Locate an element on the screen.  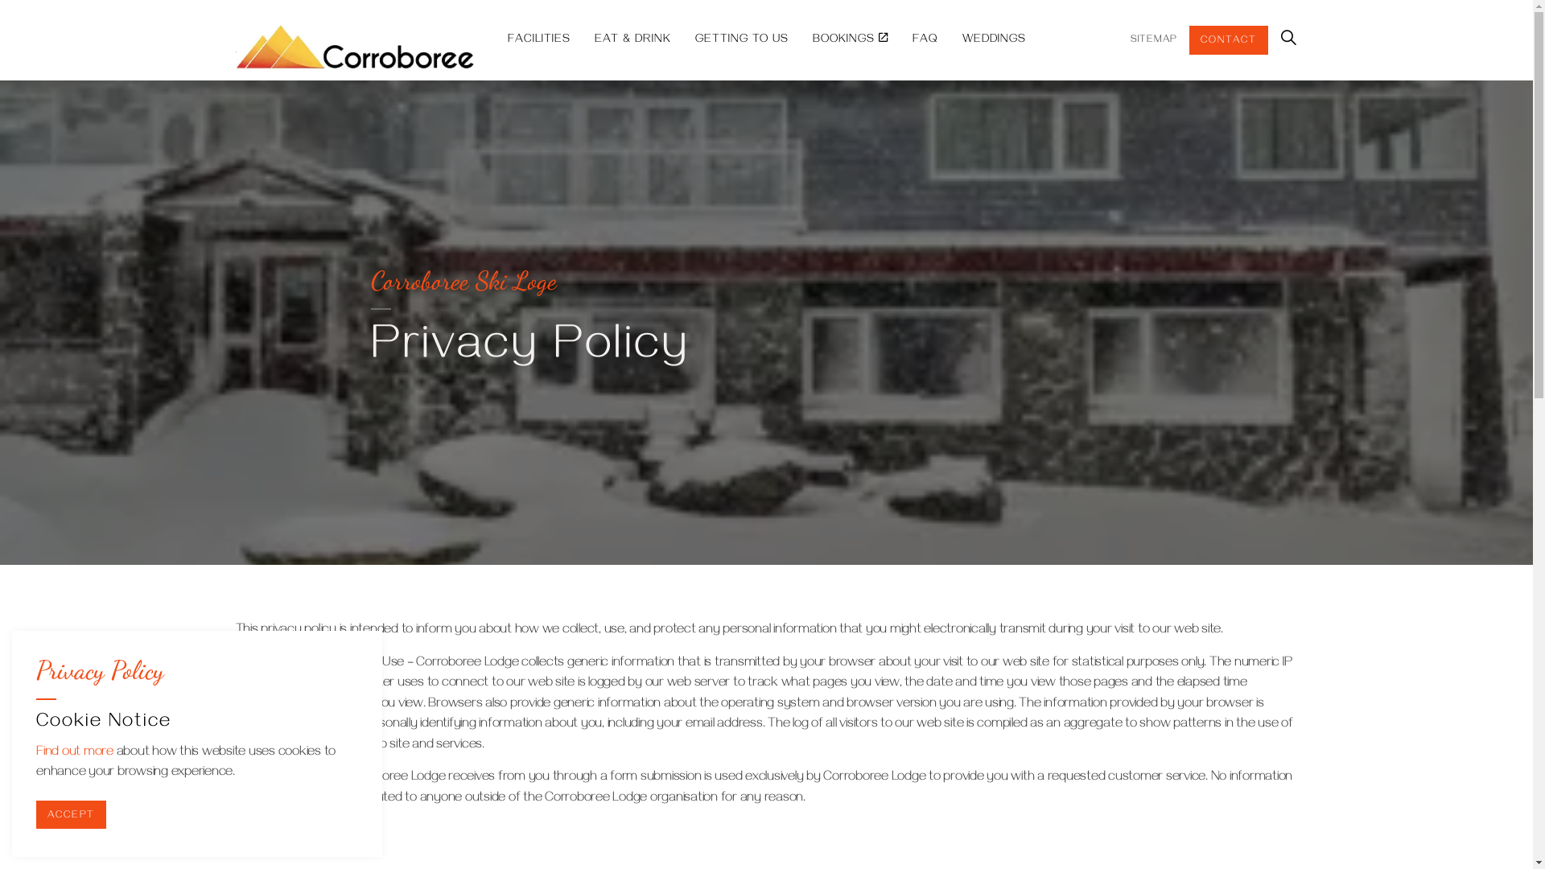
'WEDDINGS' is located at coordinates (992, 39).